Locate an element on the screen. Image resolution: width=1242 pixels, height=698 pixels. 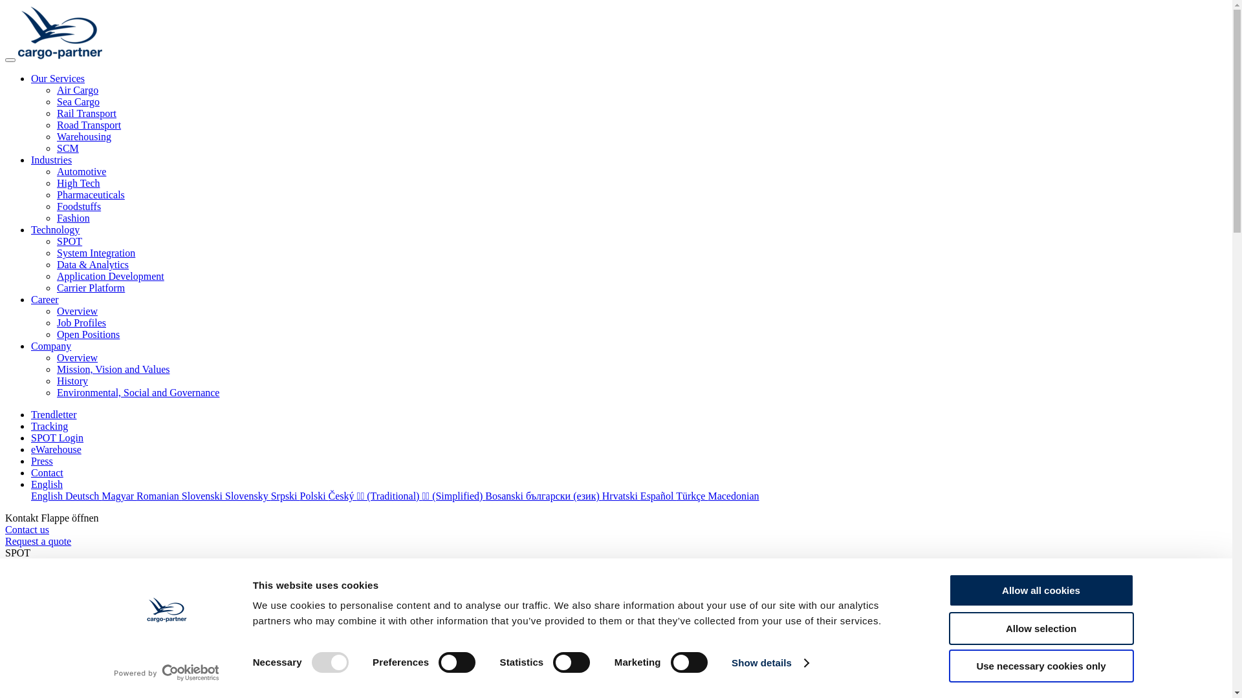
'English' is located at coordinates (48, 495).